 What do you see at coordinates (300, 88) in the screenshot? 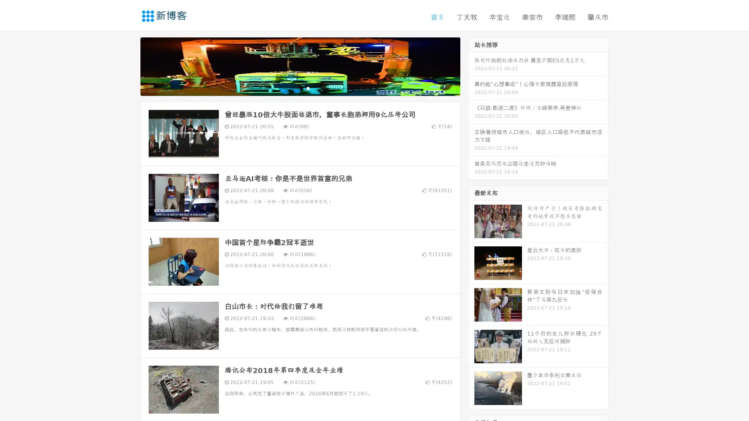
I see `Go to slide 2` at bounding box center [300, 88].